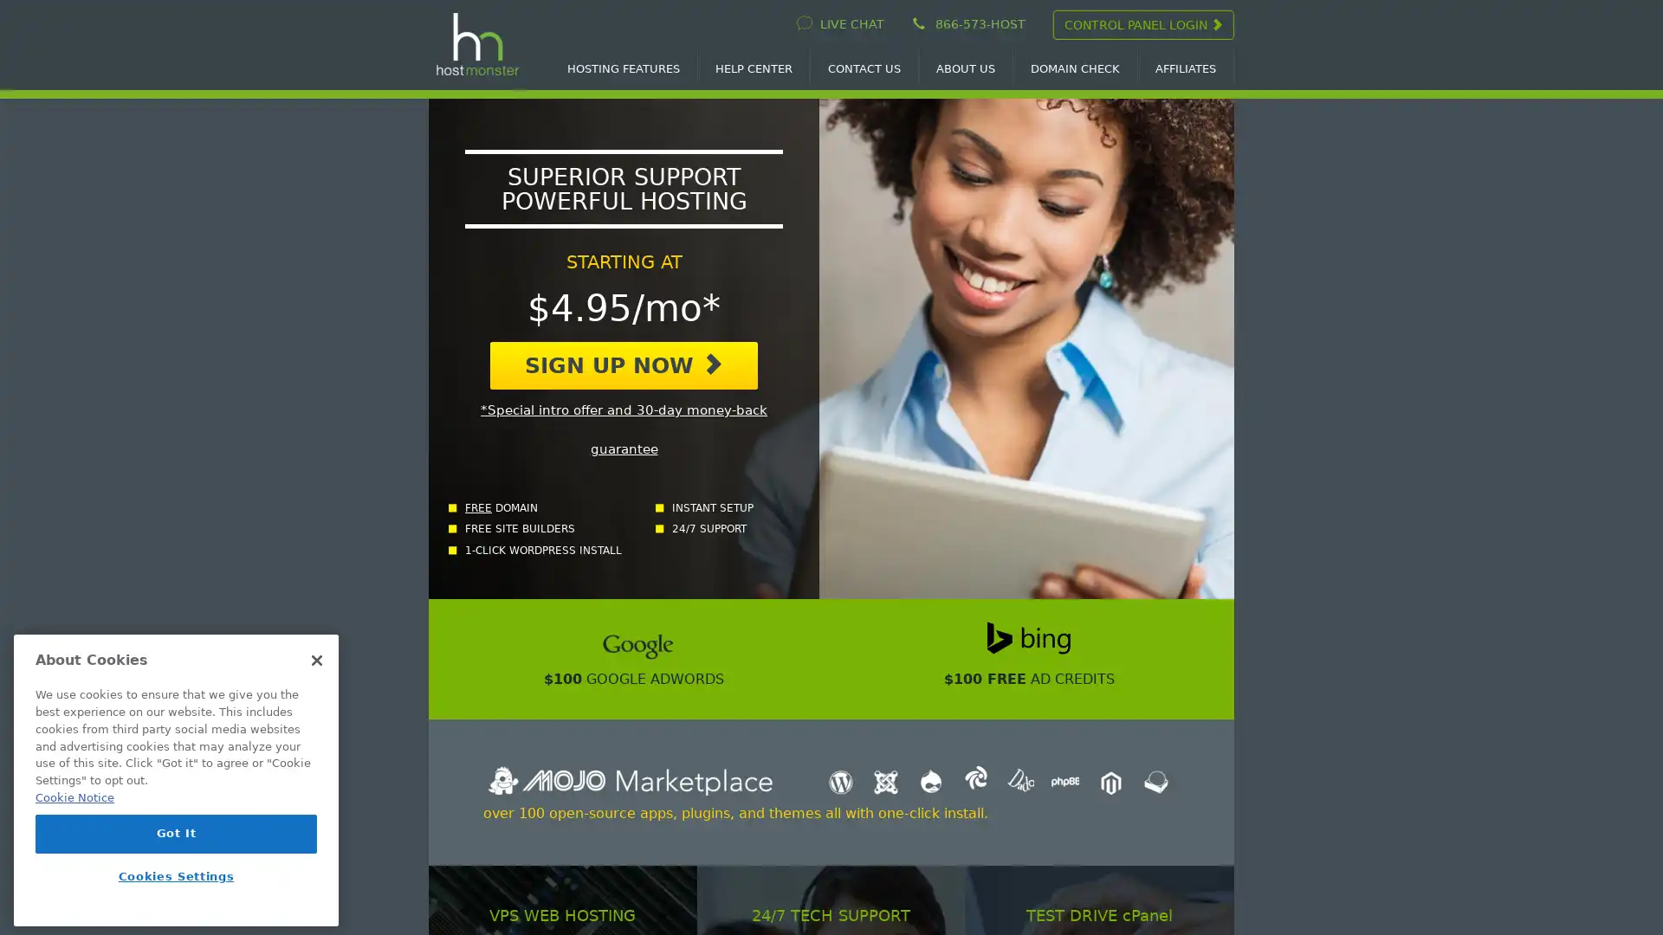 The width and height of the screenshot is (1663, 935). What do you see at coordinates (176, 833) in the screenshot?
I see `Got It` at bounding box center [176, 833].